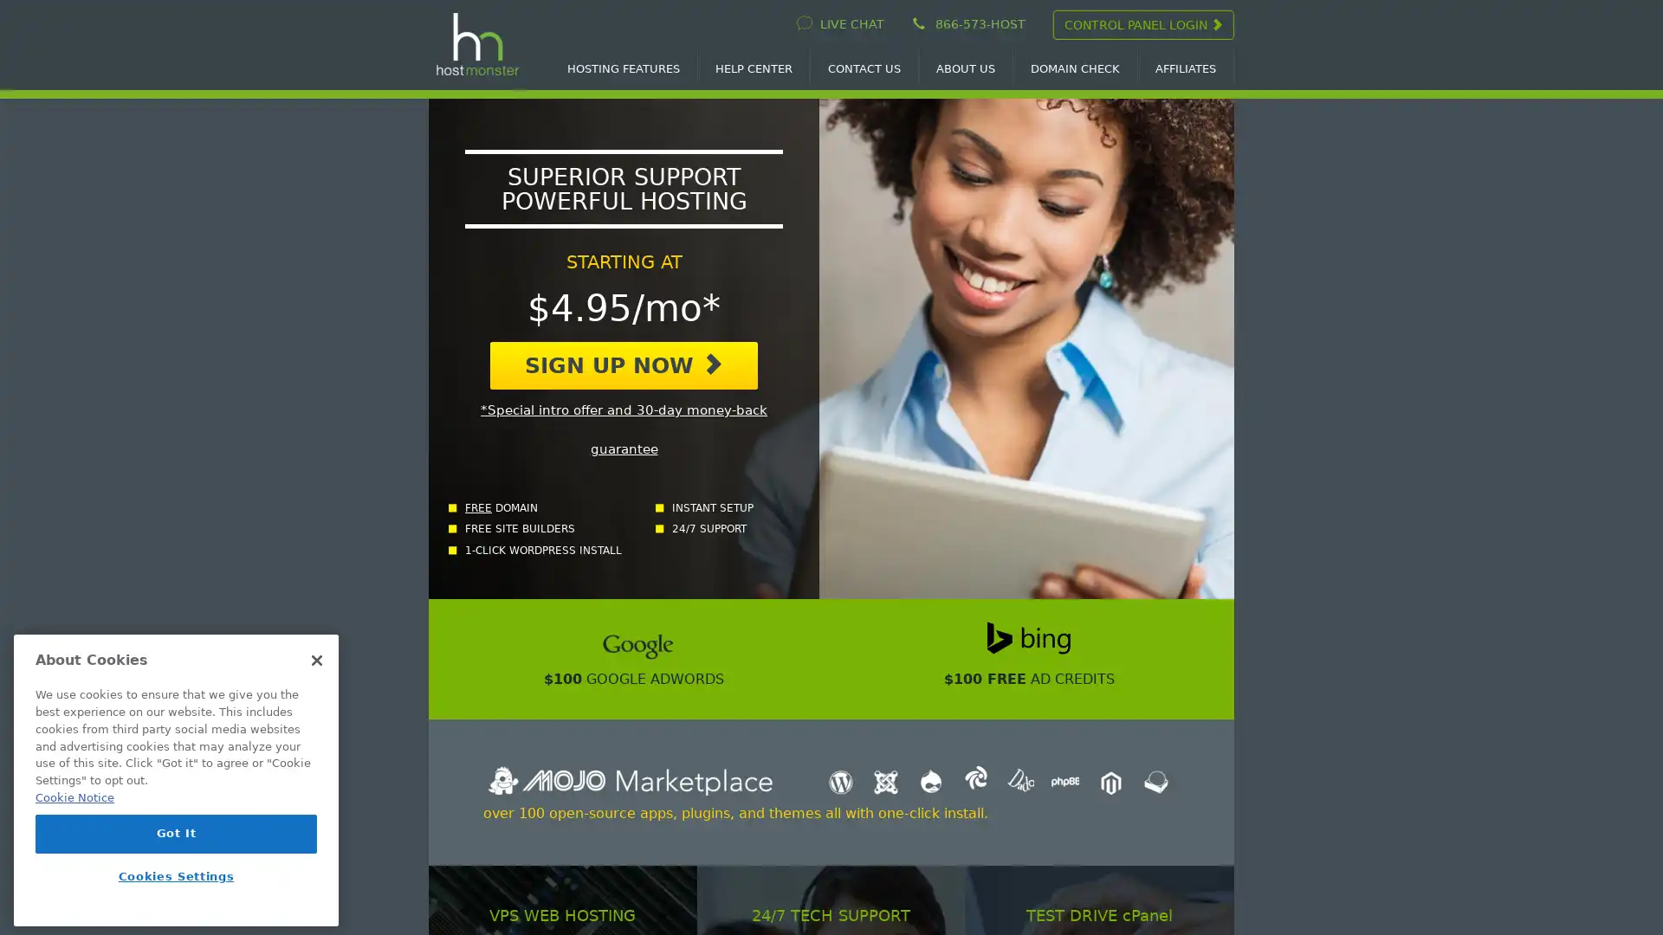 The width and height of the screenshot is (1663, 935). What do you see at coordinates (176, 833) in the screenshot?
I see `Got It` at bounding box center [176, 833].